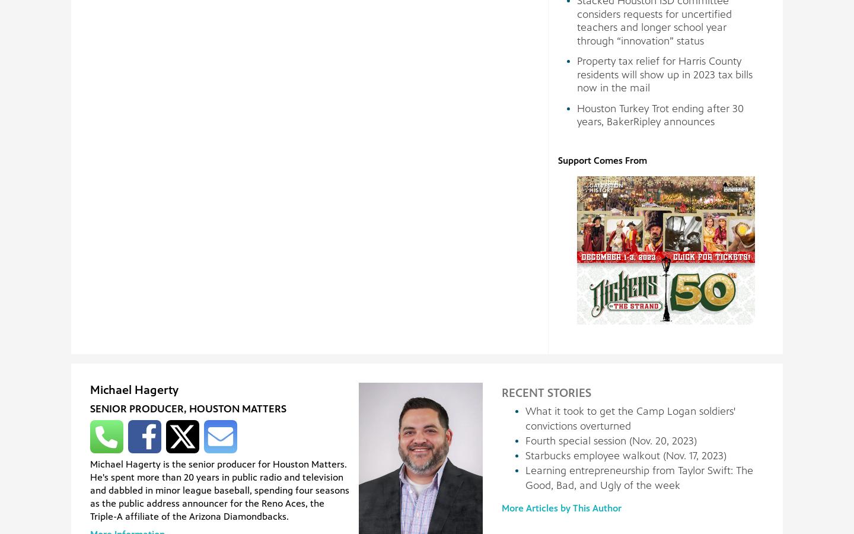  What do you see at coordinates (611, 439) in the screenshot?
I see `'Fourth special session (Nov. 20, 2023)'` at bounding box center [611, 439].